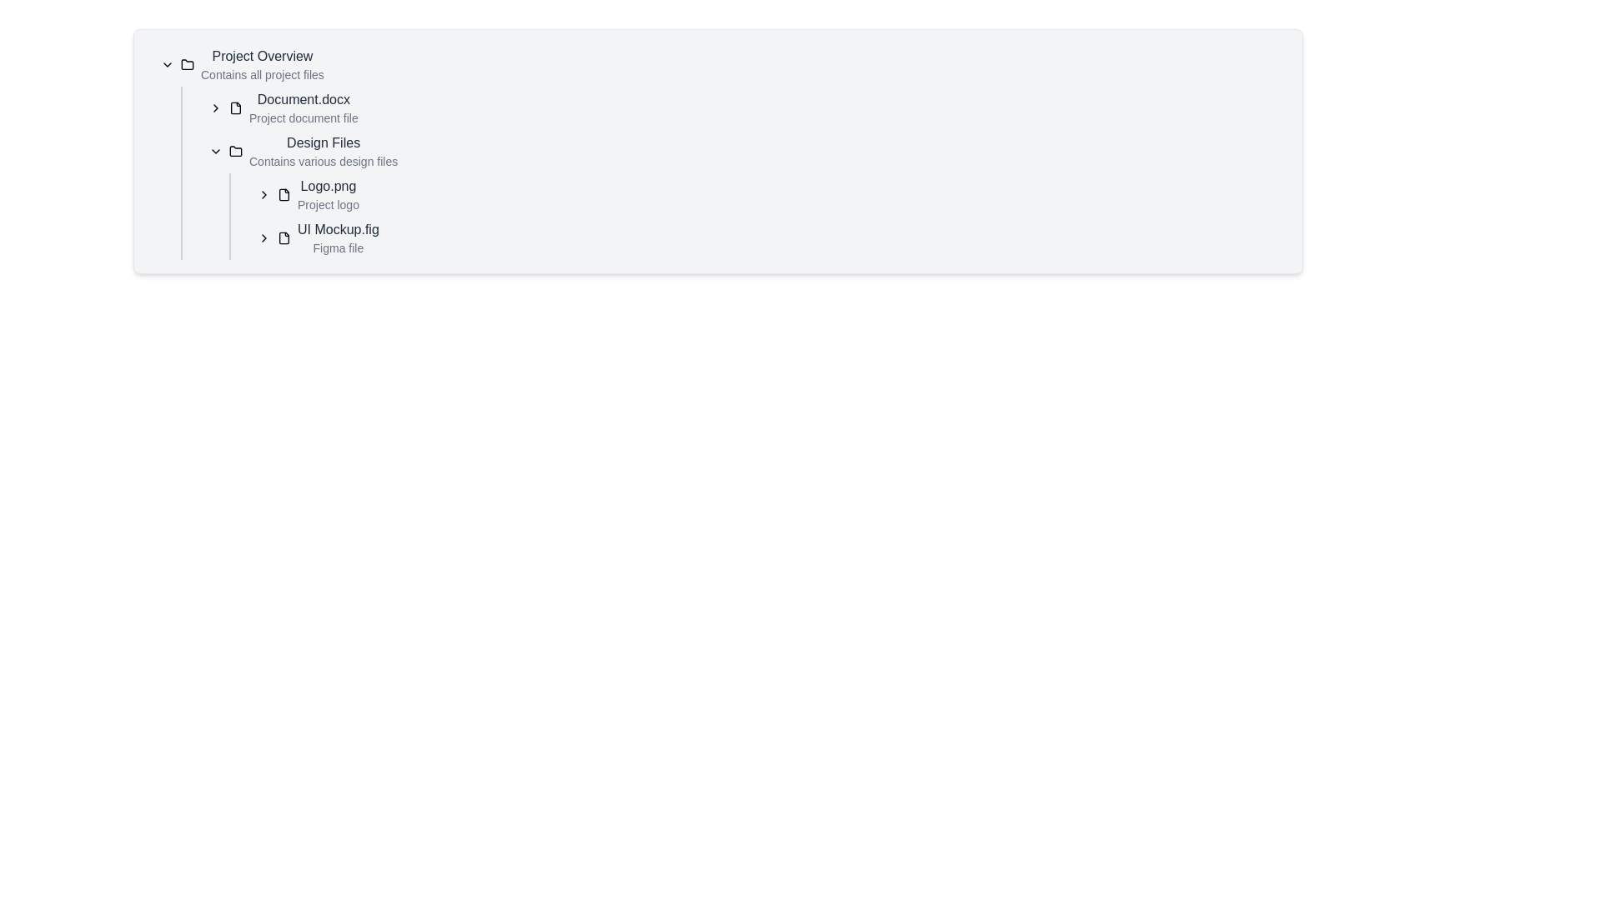  I want to click on the text label displaying 'Project document file', which is styled in small gray font and located directly below 'Document.docx' in the hierarchical file structure, so click(304, 117).